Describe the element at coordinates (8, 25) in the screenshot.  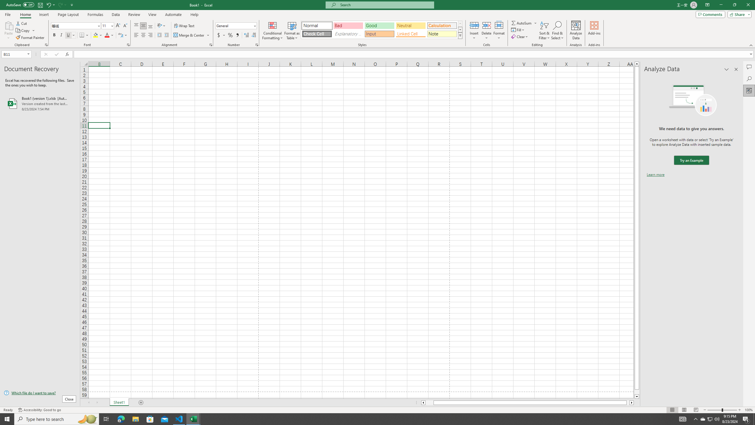
I see `'Paste'` at that location.